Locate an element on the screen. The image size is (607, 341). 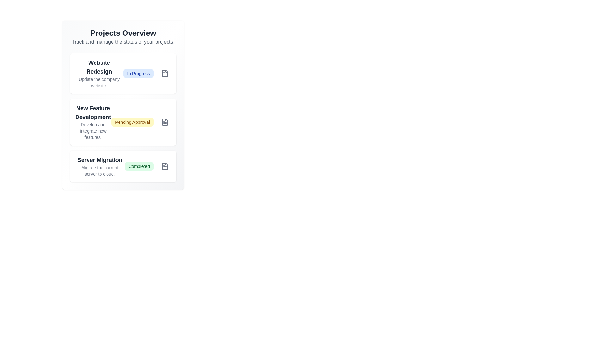
the project associated with the status badge Pending Approval is located at coordinates (132, 122).